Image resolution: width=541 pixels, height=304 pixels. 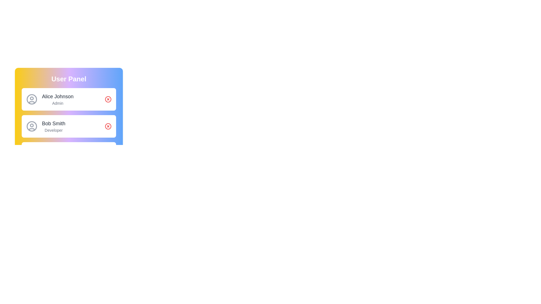 What do you see at coordinates (58, 103) in the screenshot?
I see `role information from the text label displaying 'Admin', which is located below the 'Alice Johnson' label in the user profile section of the User Panel` at bounding box center [58, 103].